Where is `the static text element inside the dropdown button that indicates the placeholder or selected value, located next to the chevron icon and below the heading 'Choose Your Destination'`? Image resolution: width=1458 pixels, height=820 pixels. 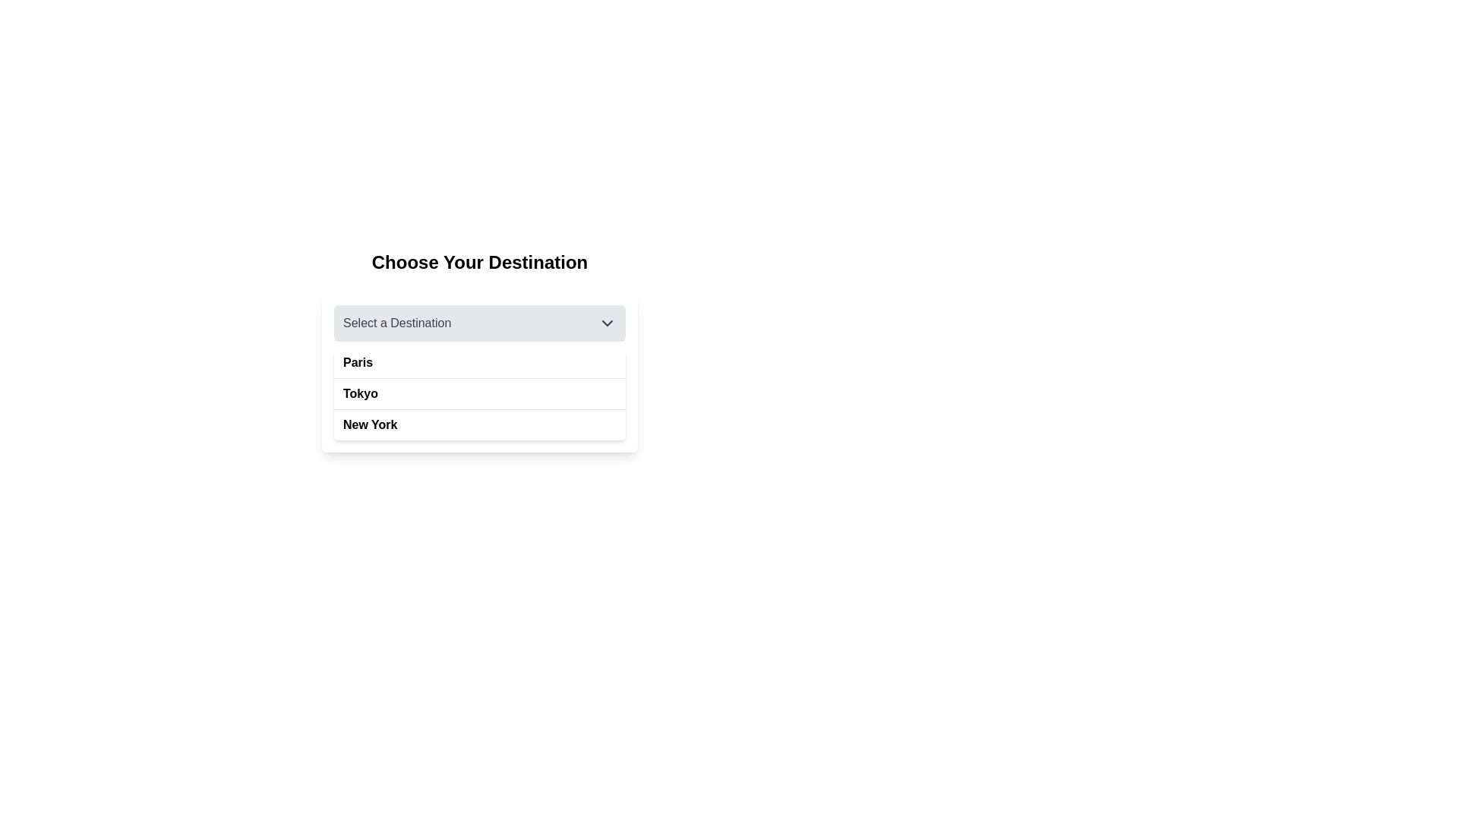 the static text element inside the dropdown button that indicates the placeholder or selected value, located next to the chevron icon and below the heading 'Choose Your Destination' is located at coordinates (397, 322).